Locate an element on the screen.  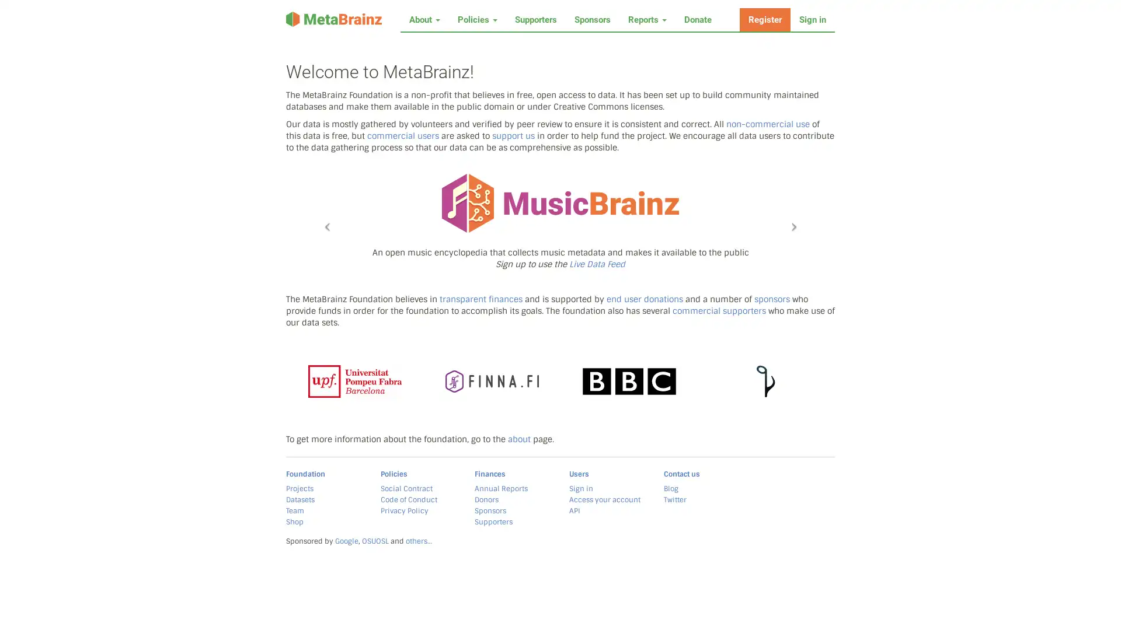
Next is located at coordinates (793, 226).